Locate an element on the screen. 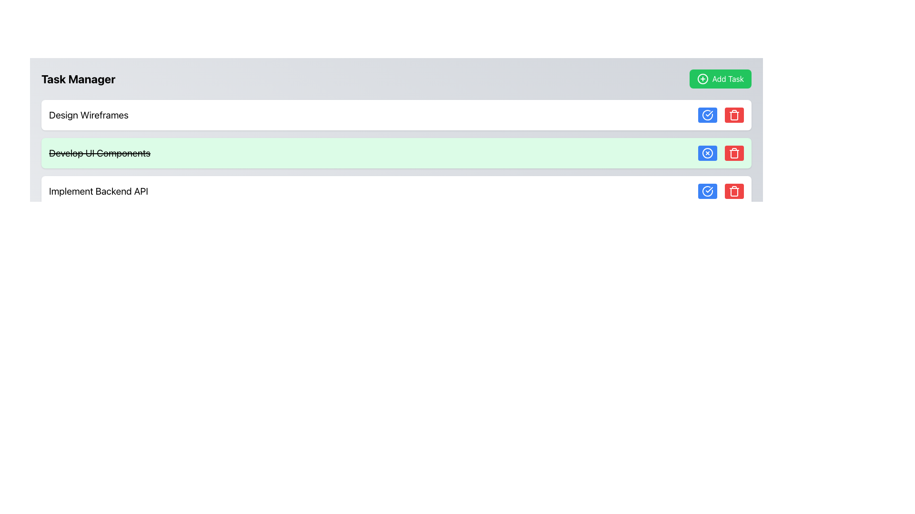 Image resolution: width=915 pixels, height=514 pixels. the red delete button with a trash can icon located in the rightmost section of the task item row is located at coordinates (733, 152).